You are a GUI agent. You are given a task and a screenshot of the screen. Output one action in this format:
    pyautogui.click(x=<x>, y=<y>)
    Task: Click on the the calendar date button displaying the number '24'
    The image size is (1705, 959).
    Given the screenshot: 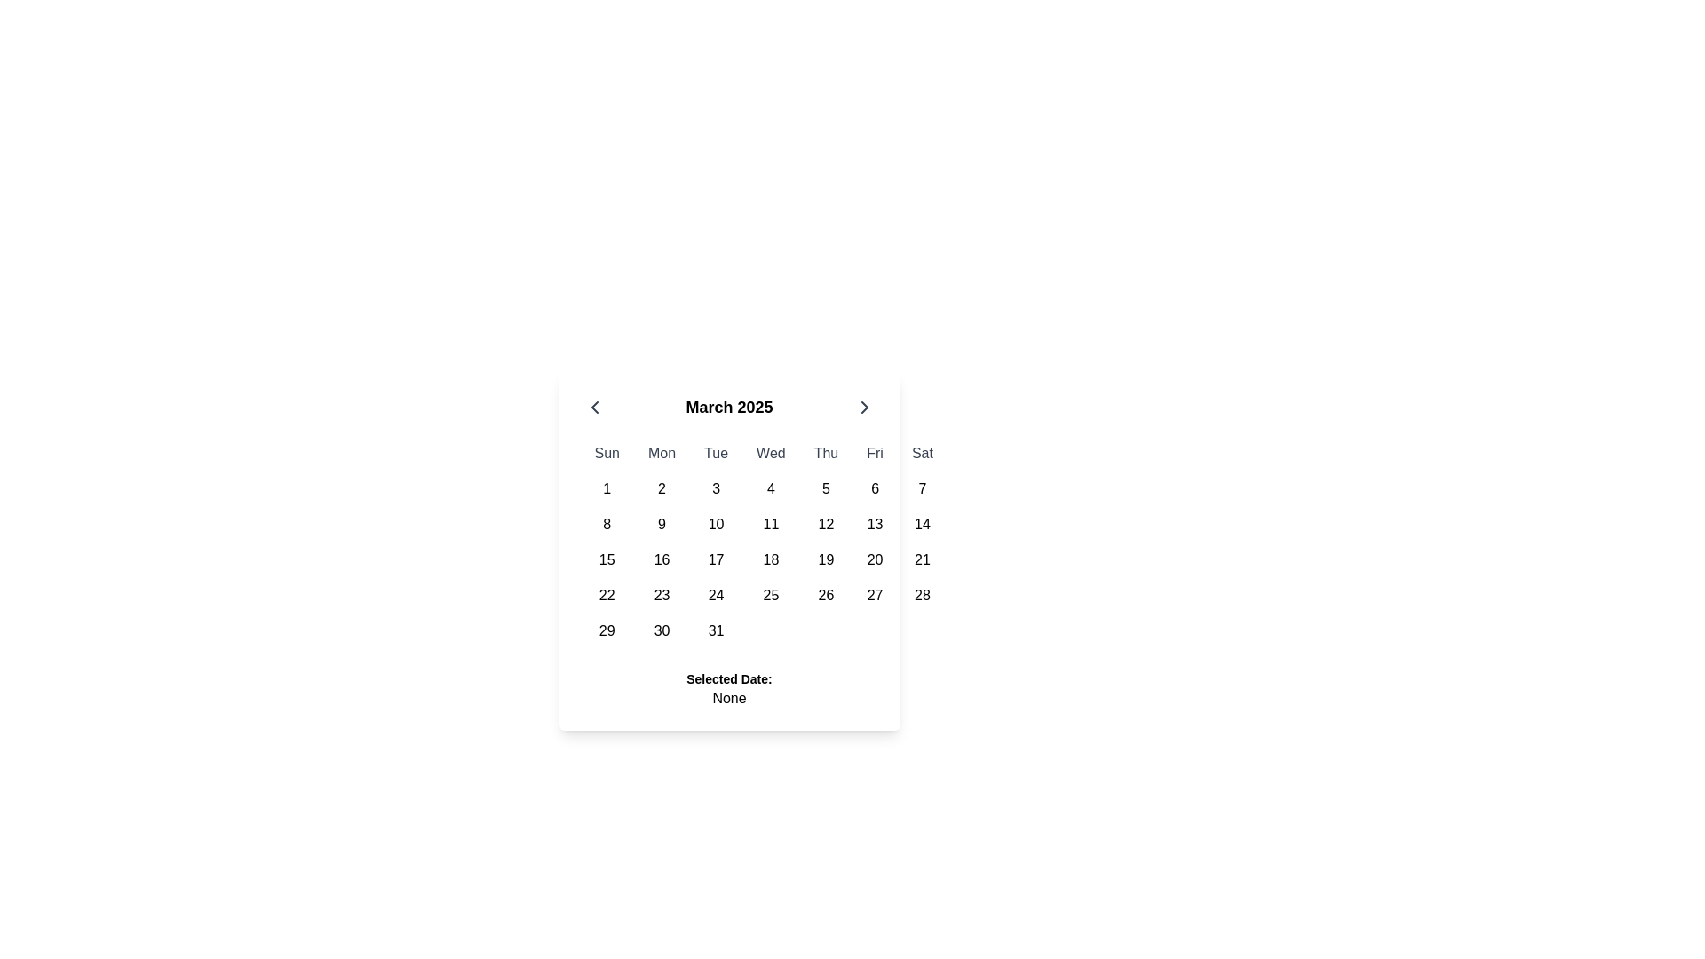 What is the action you would take?
    pyautogui.click(x=716, y=596)
    